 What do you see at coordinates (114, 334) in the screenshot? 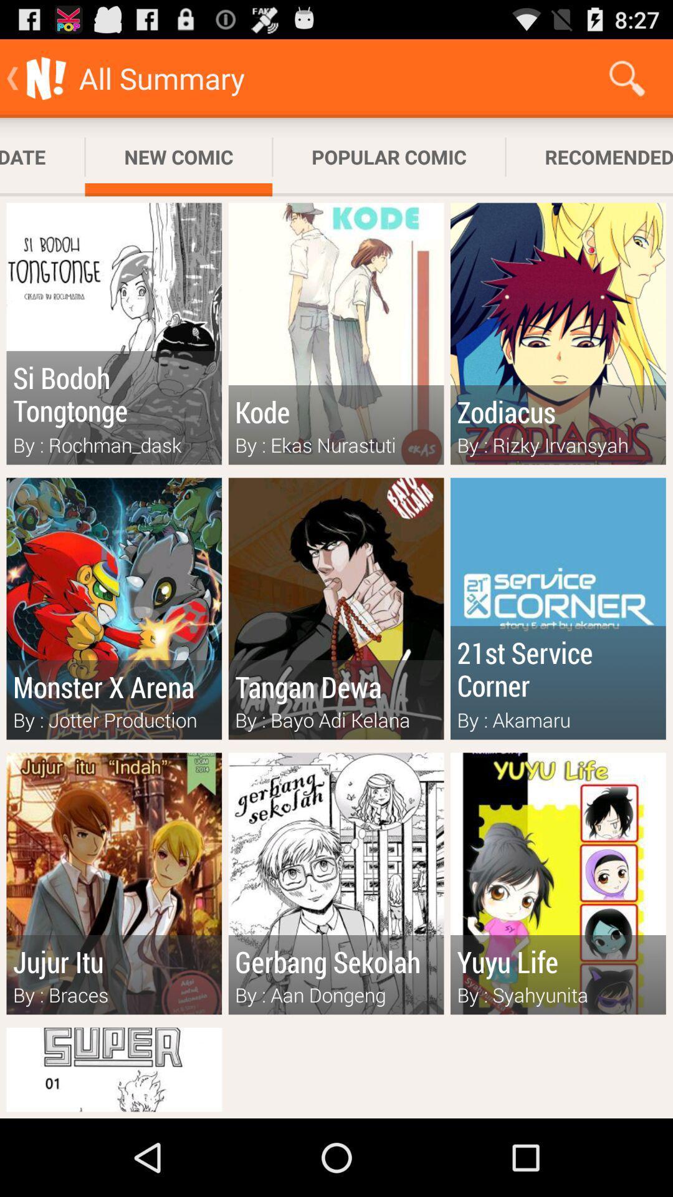
I see `the book left of kode` at bounding box center [114, 334].